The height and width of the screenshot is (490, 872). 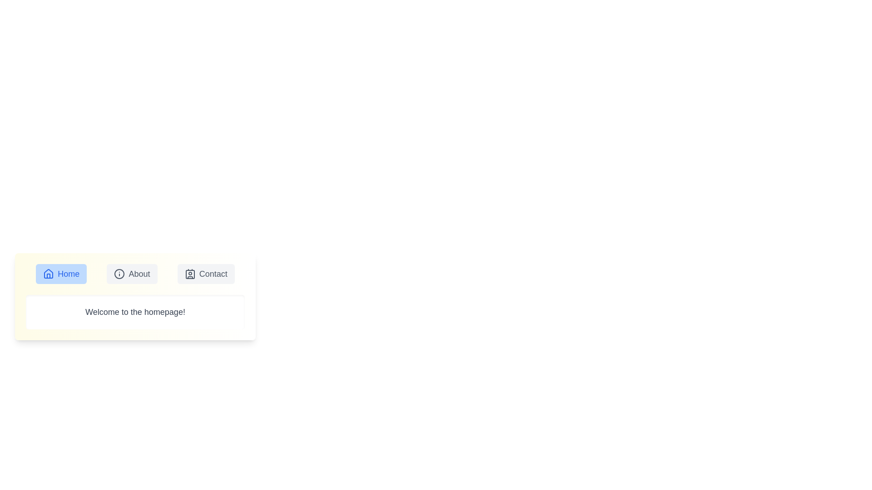 What do you see at coordinates (205, 274) in the screenshot?
I see `the Contact tab to examine its content` at bounding box center [205, 274].